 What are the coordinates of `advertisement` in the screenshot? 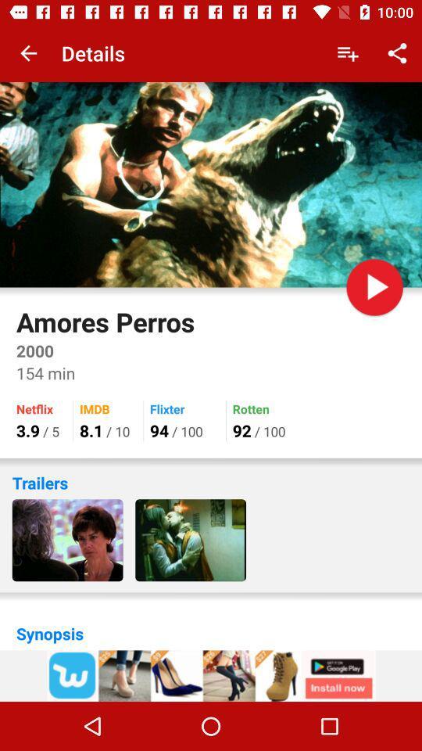 It's located at (211, 675).